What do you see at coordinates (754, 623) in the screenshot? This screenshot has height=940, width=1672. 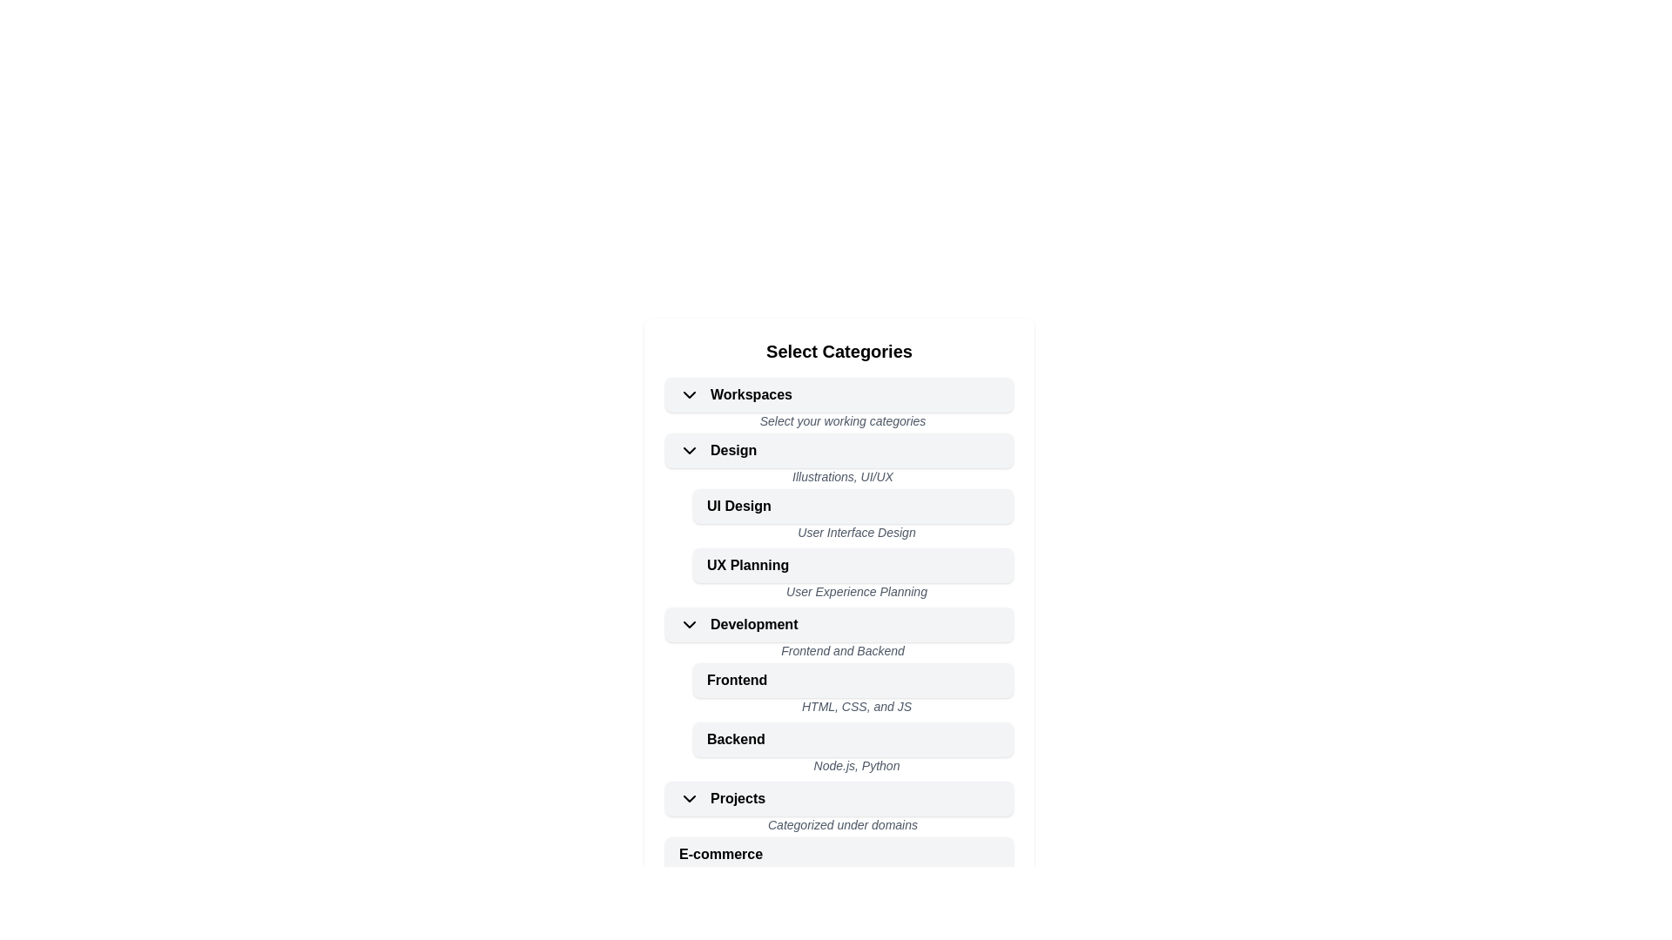 I see `the 'Development' text label, which is styled in bold font and positioned in the vertical list between 'UX Planning' and 'Frontend' in the 'Design' section` at bounding box center [754, 623].